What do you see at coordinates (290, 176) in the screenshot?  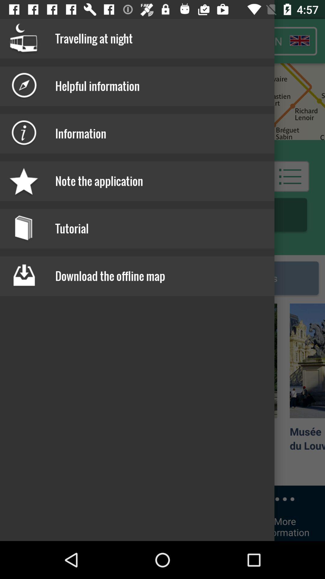 I see `the list icon` at bounding box center [290, 176].